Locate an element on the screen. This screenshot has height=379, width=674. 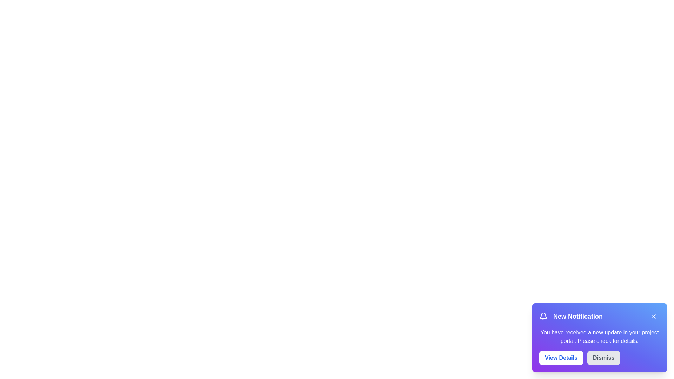
the notification icon to interact with it is located at coordinates (543, 317).